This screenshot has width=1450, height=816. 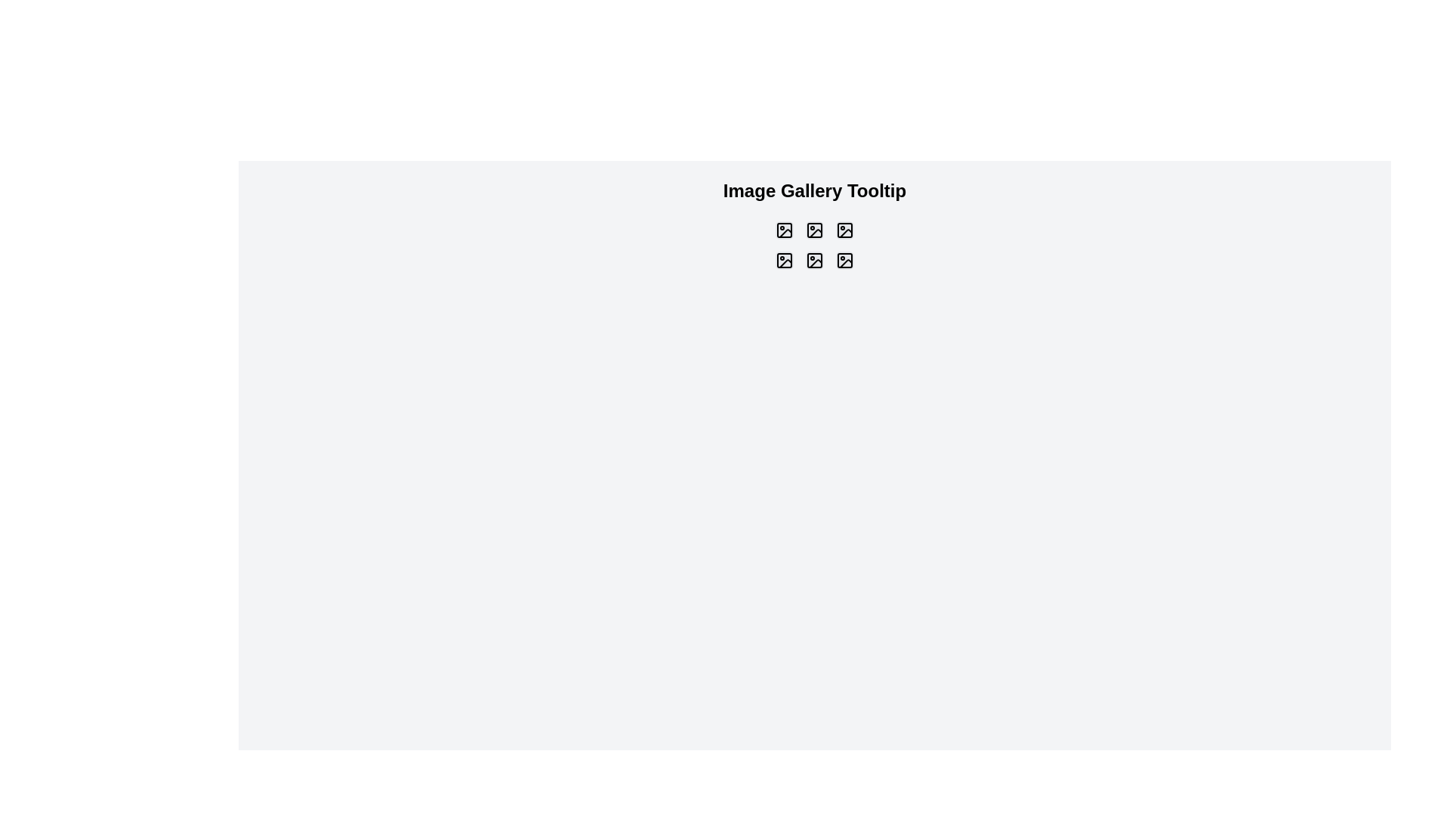 What do you see at coordinates (844, 230) in the screenshot?
I see `the image thumbnail` at bounding box center [844, 230].